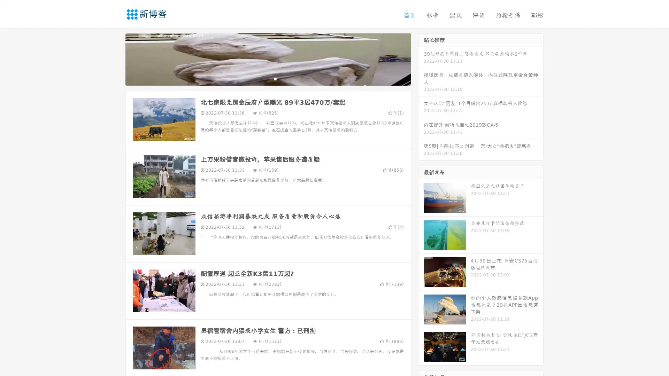 This screenshot has width=669, height=376. Describe the element at coordinates (115, 58) in the screenshot. I see `Previous slide` at that location.